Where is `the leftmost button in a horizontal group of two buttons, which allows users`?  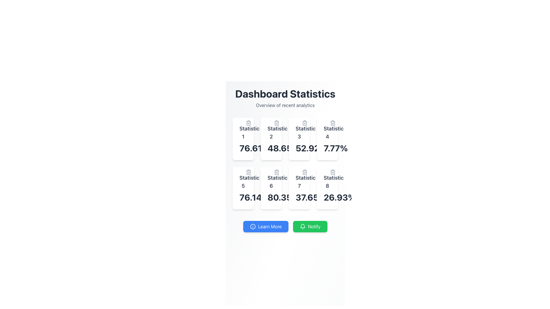
the leftmost button in a horizontal group of two buttons, which allows users is located at coordinates (266, 226).